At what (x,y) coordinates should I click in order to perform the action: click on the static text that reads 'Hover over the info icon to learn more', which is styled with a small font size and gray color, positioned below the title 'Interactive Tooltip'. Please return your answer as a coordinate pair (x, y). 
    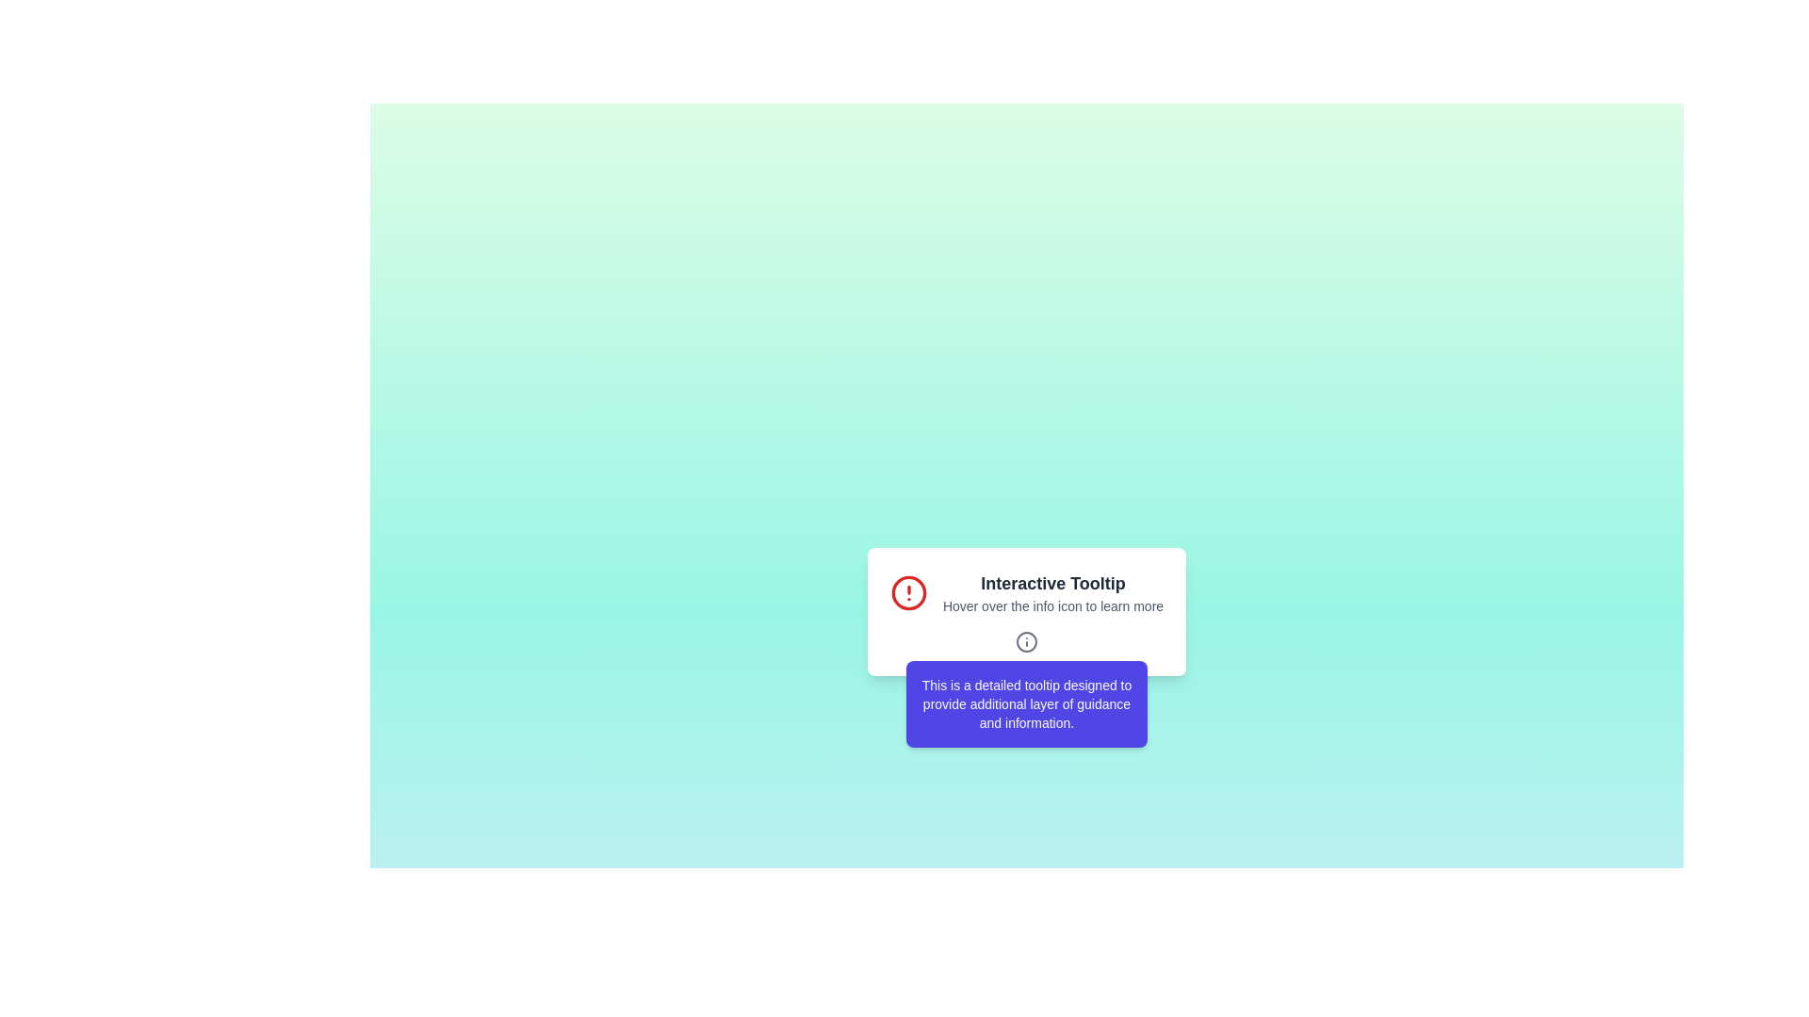
    Looking at the image, I should click on (1052, 606).